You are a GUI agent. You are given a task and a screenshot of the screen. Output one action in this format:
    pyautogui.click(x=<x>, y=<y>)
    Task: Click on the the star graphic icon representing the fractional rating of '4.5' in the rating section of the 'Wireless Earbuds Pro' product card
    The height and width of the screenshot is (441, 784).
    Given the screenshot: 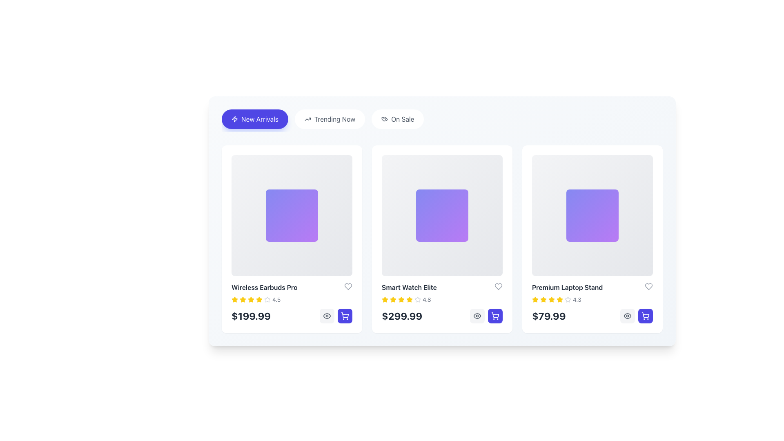 What is the action you would take?
    pyautogui.click(x=267, y=299)
    